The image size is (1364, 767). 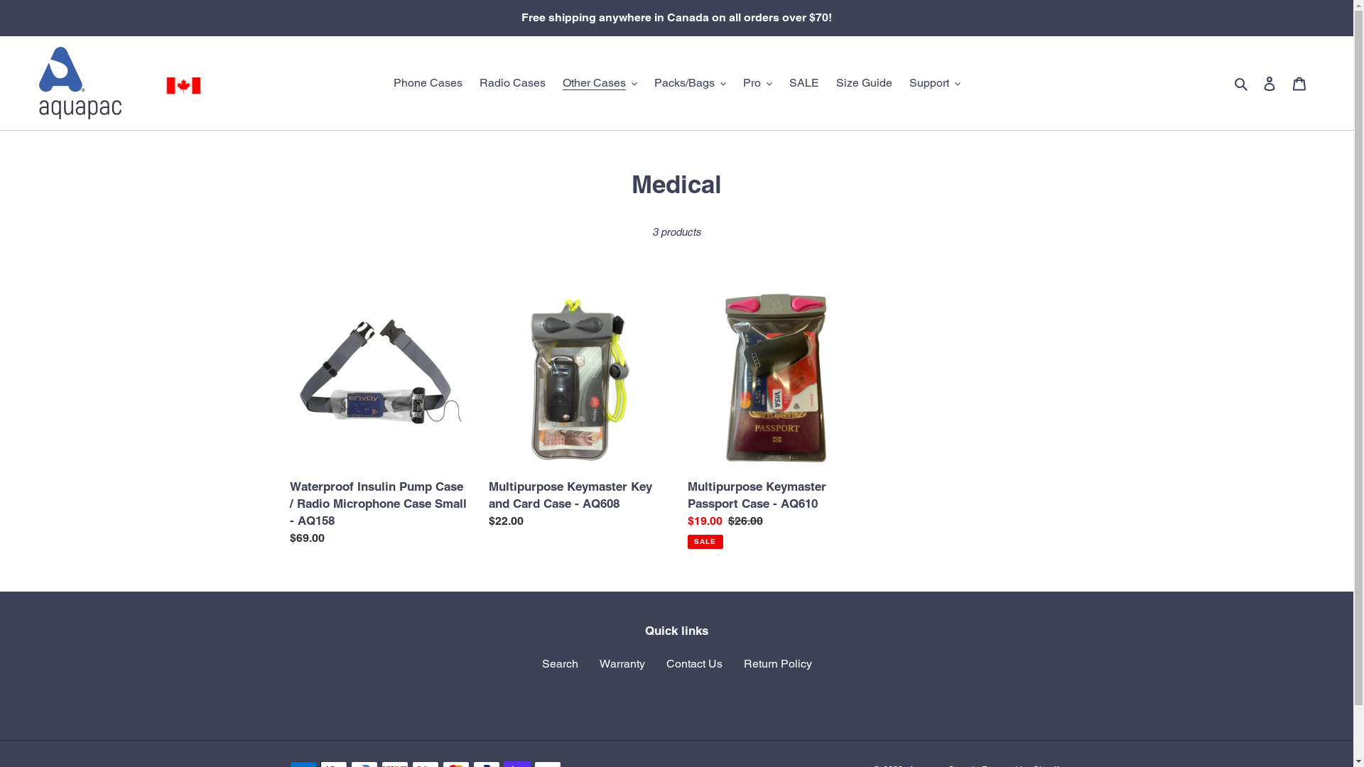 What do you see at coordinates (622, 663) in the screenshot?
I see `'Warranty'` at bounding box center [622, 663].